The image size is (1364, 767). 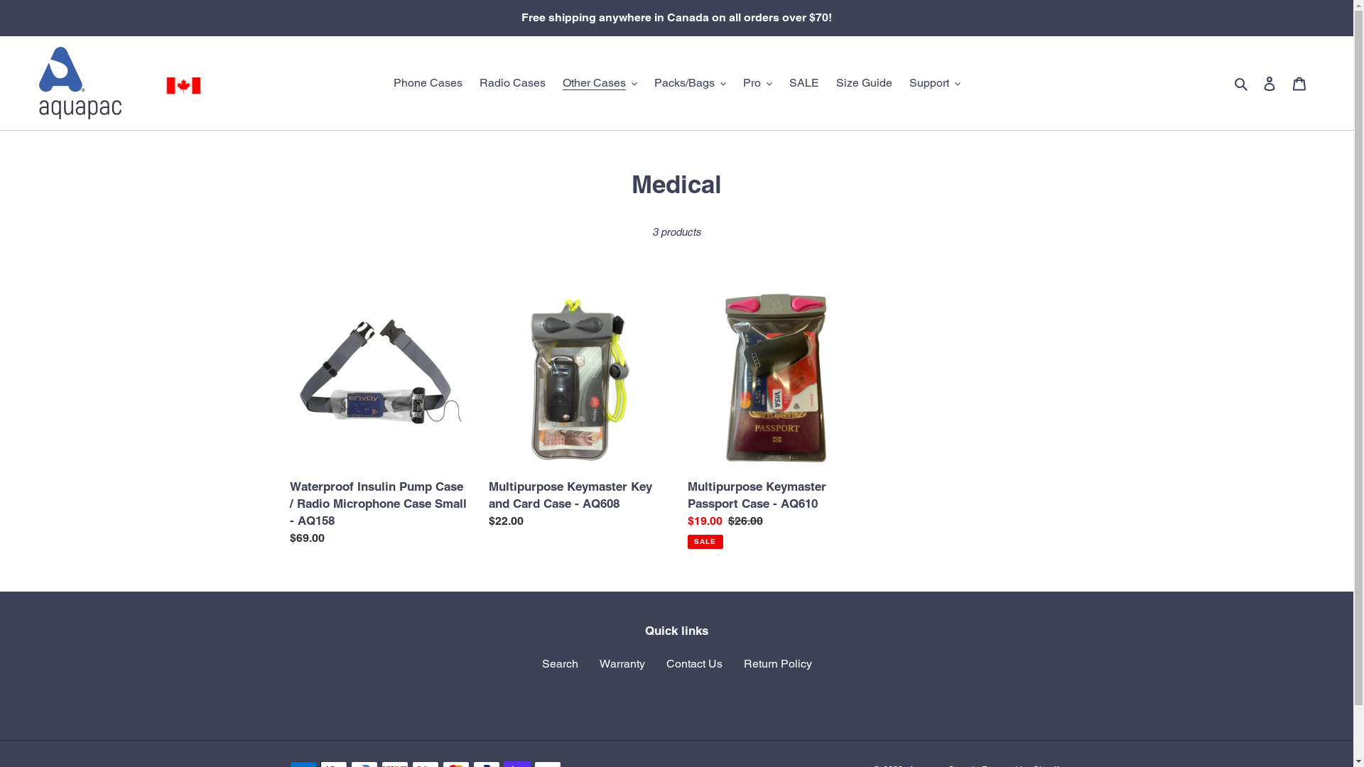 What do you see at coordinates (622, 663) in the screenshot?
I see `'Warranty'` at bounding box center [622, 663].